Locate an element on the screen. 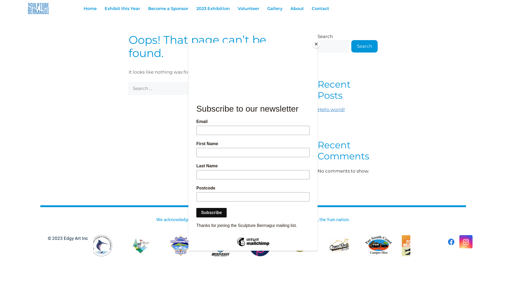  'Volunteer' is located at coordinates (248, 9).